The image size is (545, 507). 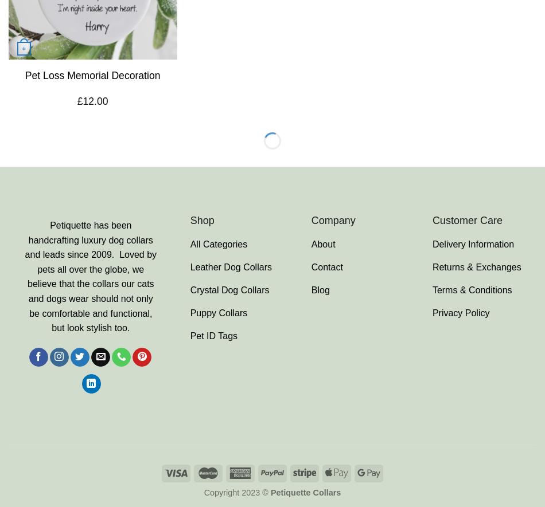 What do you see at coordinates (476, 266) in the screenshot?
I see `'Returns & Exchanges'` at bounding box center [476, 266].